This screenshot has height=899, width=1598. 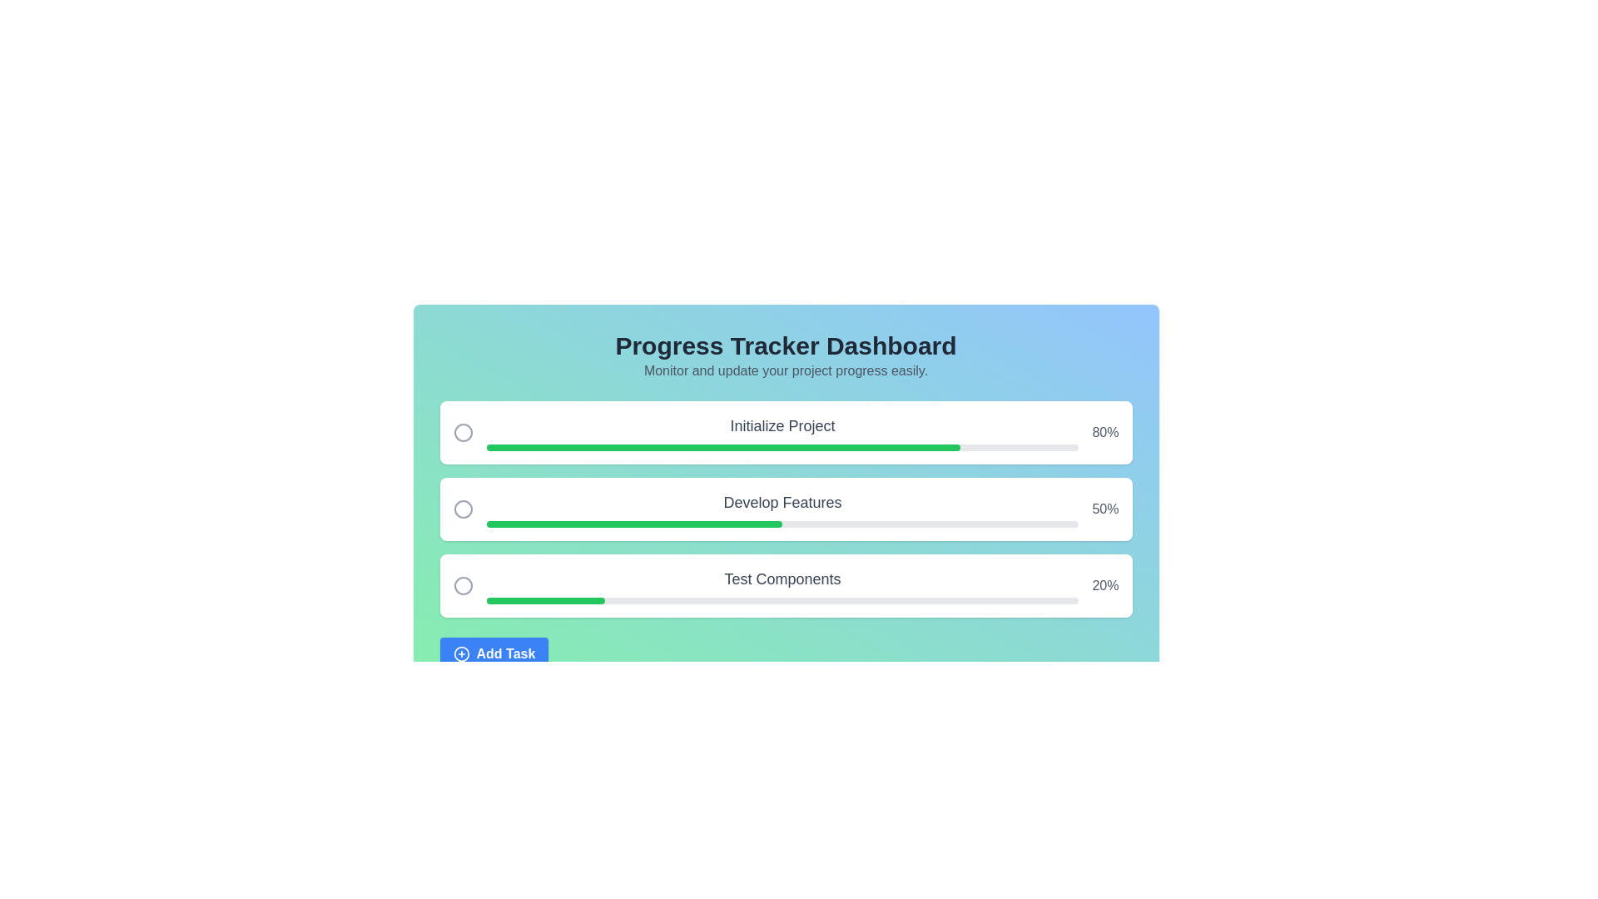 I want to click on the progress tracker widget indicating the task 'Initialize Project' by moving the cursor to its center point, so click(x=785, y=432).